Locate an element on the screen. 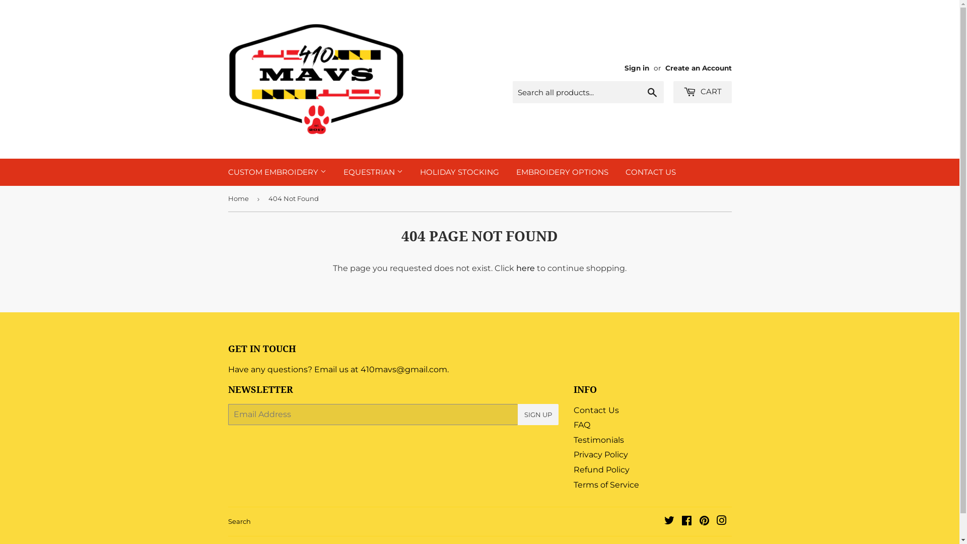  'here' is located at coordinates (525, 267).